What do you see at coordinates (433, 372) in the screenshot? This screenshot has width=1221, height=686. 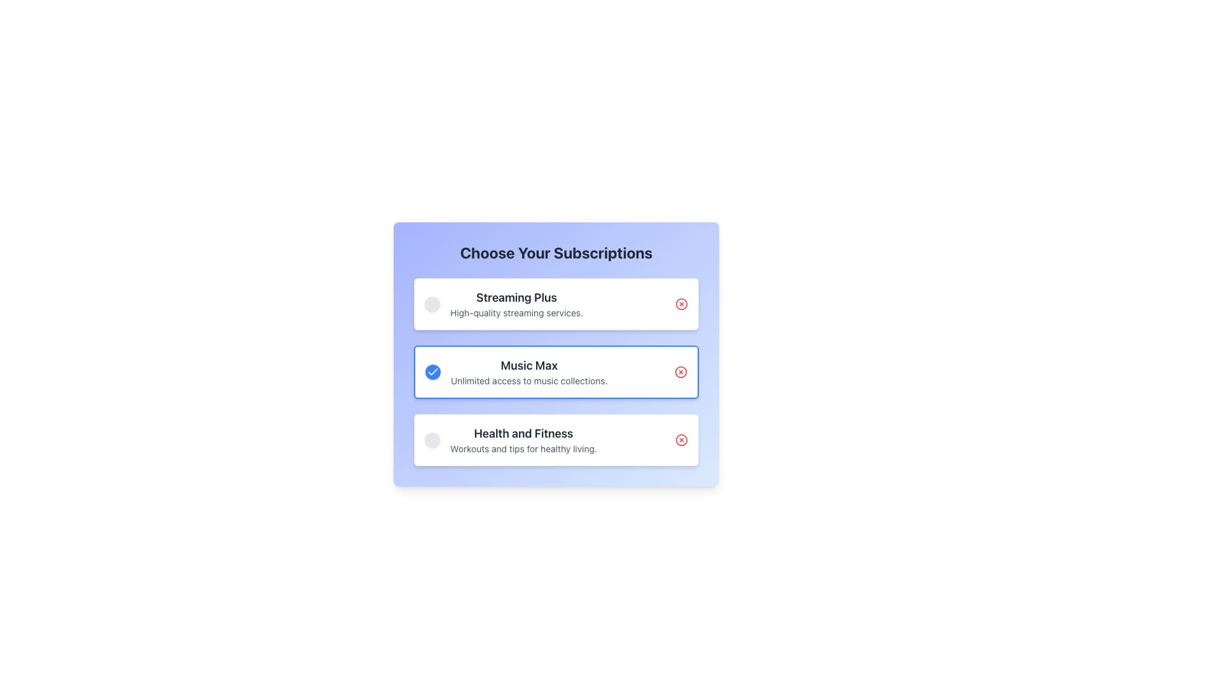 I see `the circular blue checkbox with a white checkmark icon located at the leftmost side of the 'Music Max' subscription option panel` at bounding box center [433, 372].